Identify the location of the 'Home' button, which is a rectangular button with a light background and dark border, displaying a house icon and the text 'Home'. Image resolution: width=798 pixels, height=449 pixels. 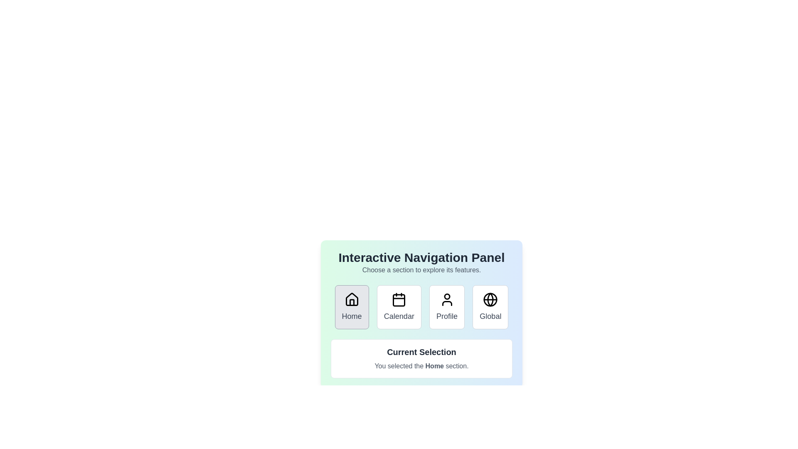
(352, 307).